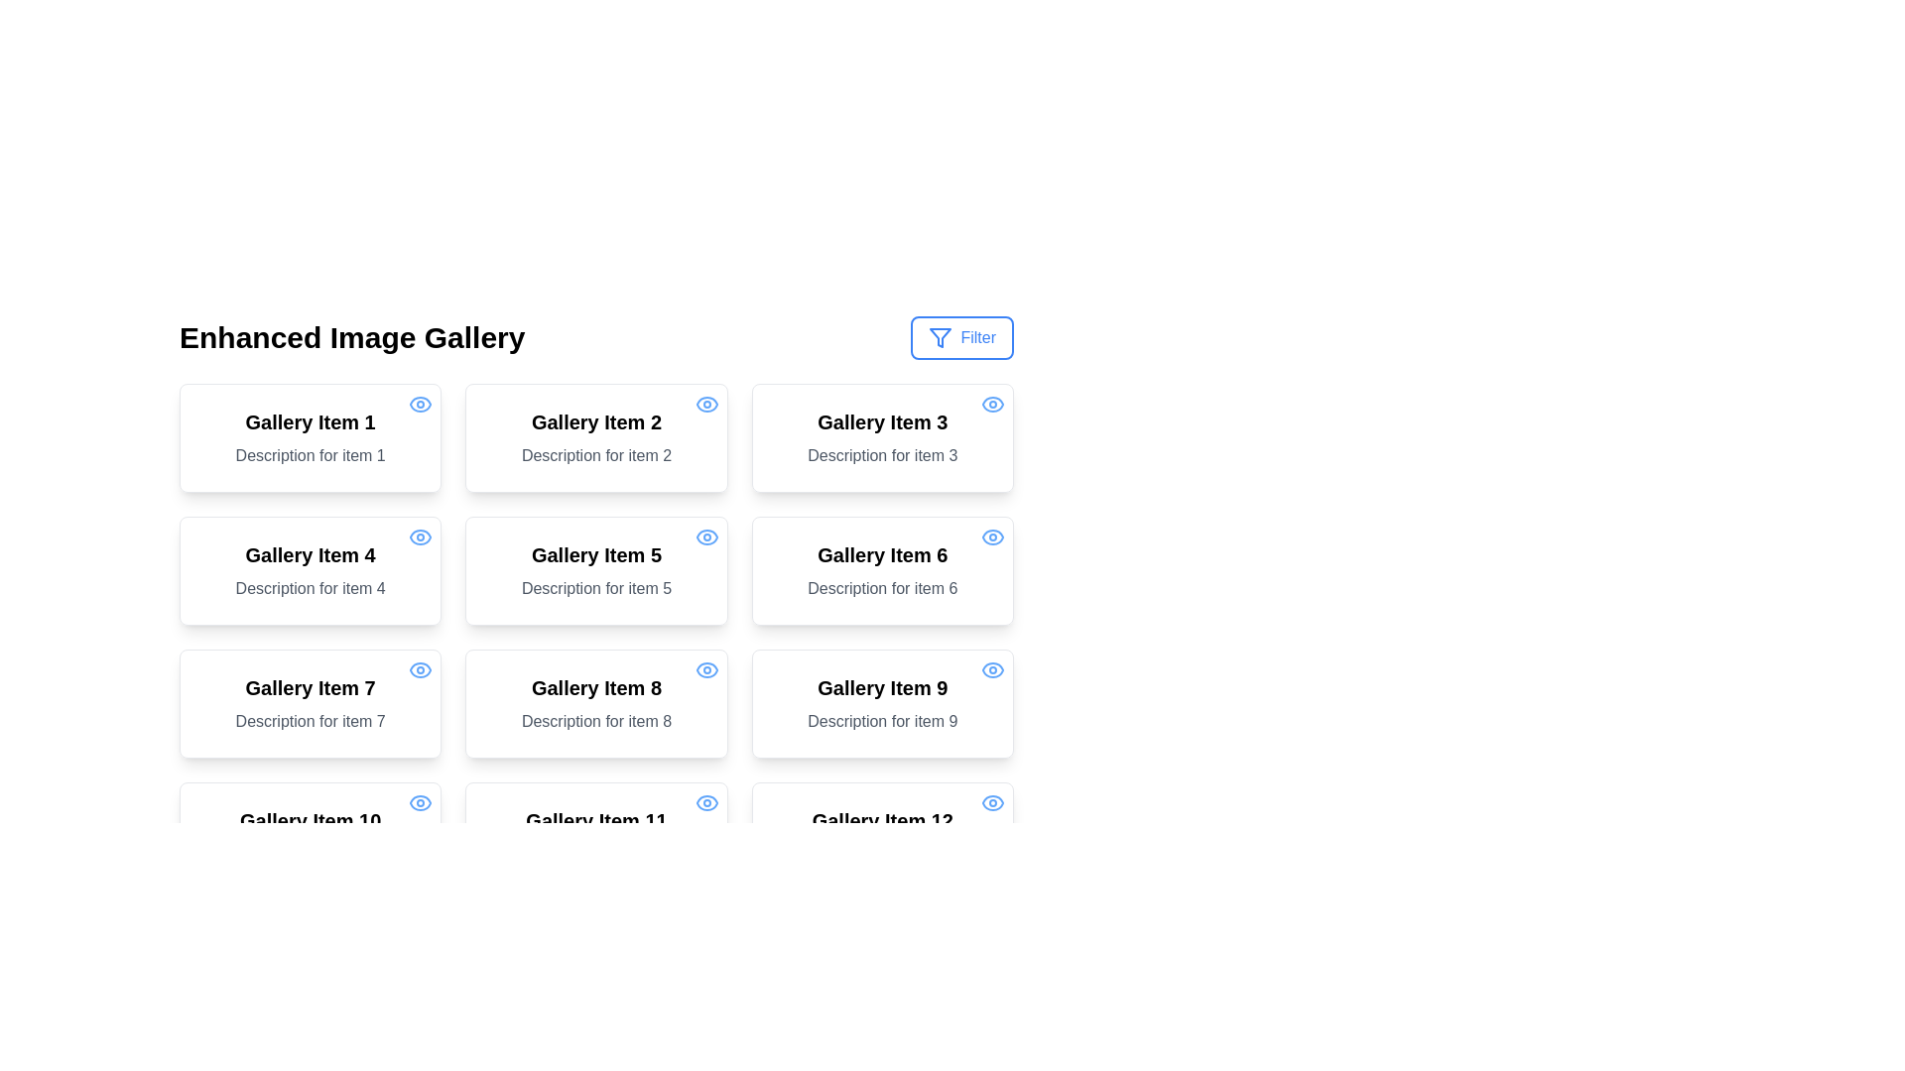 This screenshot has width=1905, height=1071. What do you see at coordinates (310, 588) in the screenshot?
I see `the text label reading 'Description for item 4', which is located below the title 'Gallery Item 4' within the bordered card in the second row, first column of the grid layout` at bounding box center [310, 588].